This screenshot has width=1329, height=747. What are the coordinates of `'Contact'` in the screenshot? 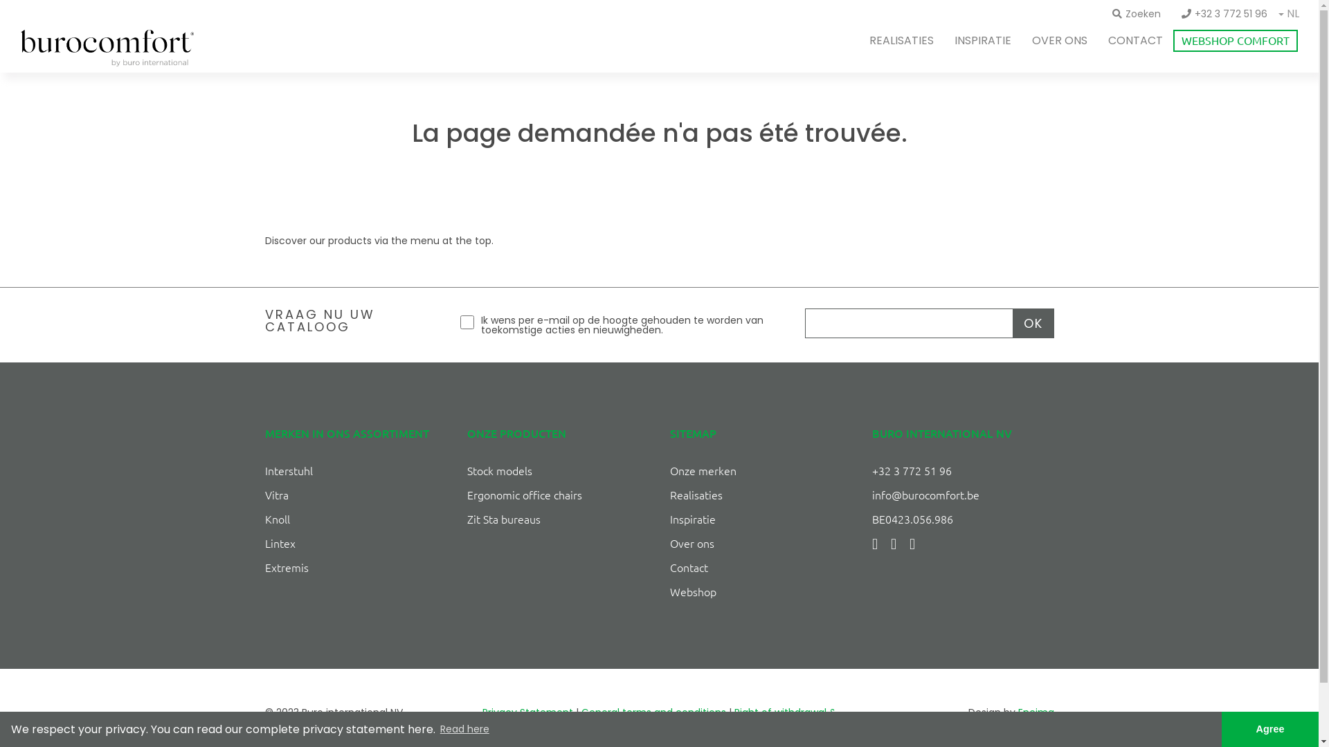 It's located at (689, 567).